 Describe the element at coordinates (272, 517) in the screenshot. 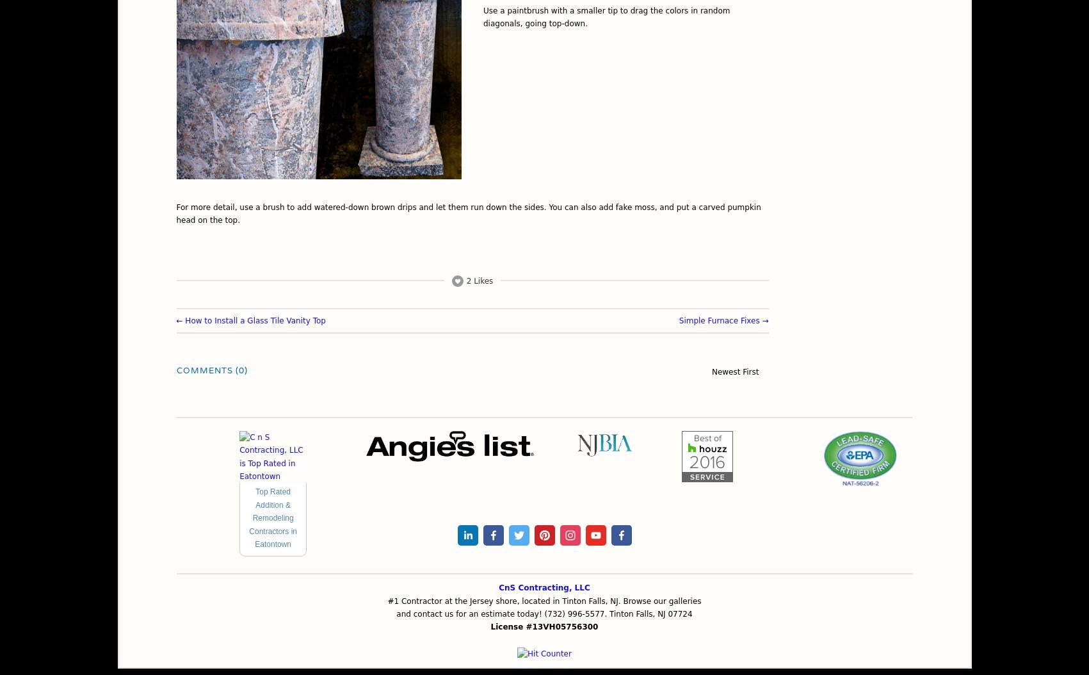

I see `'Top Rated Addition & Remodeling Contractors in Eatontown'` at that location.